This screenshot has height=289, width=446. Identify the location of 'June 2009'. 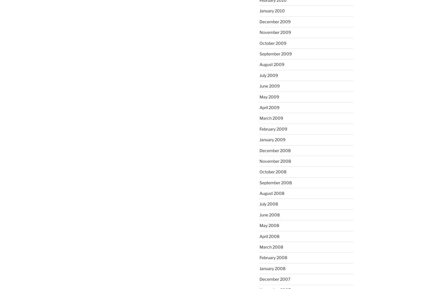
(269, 86).